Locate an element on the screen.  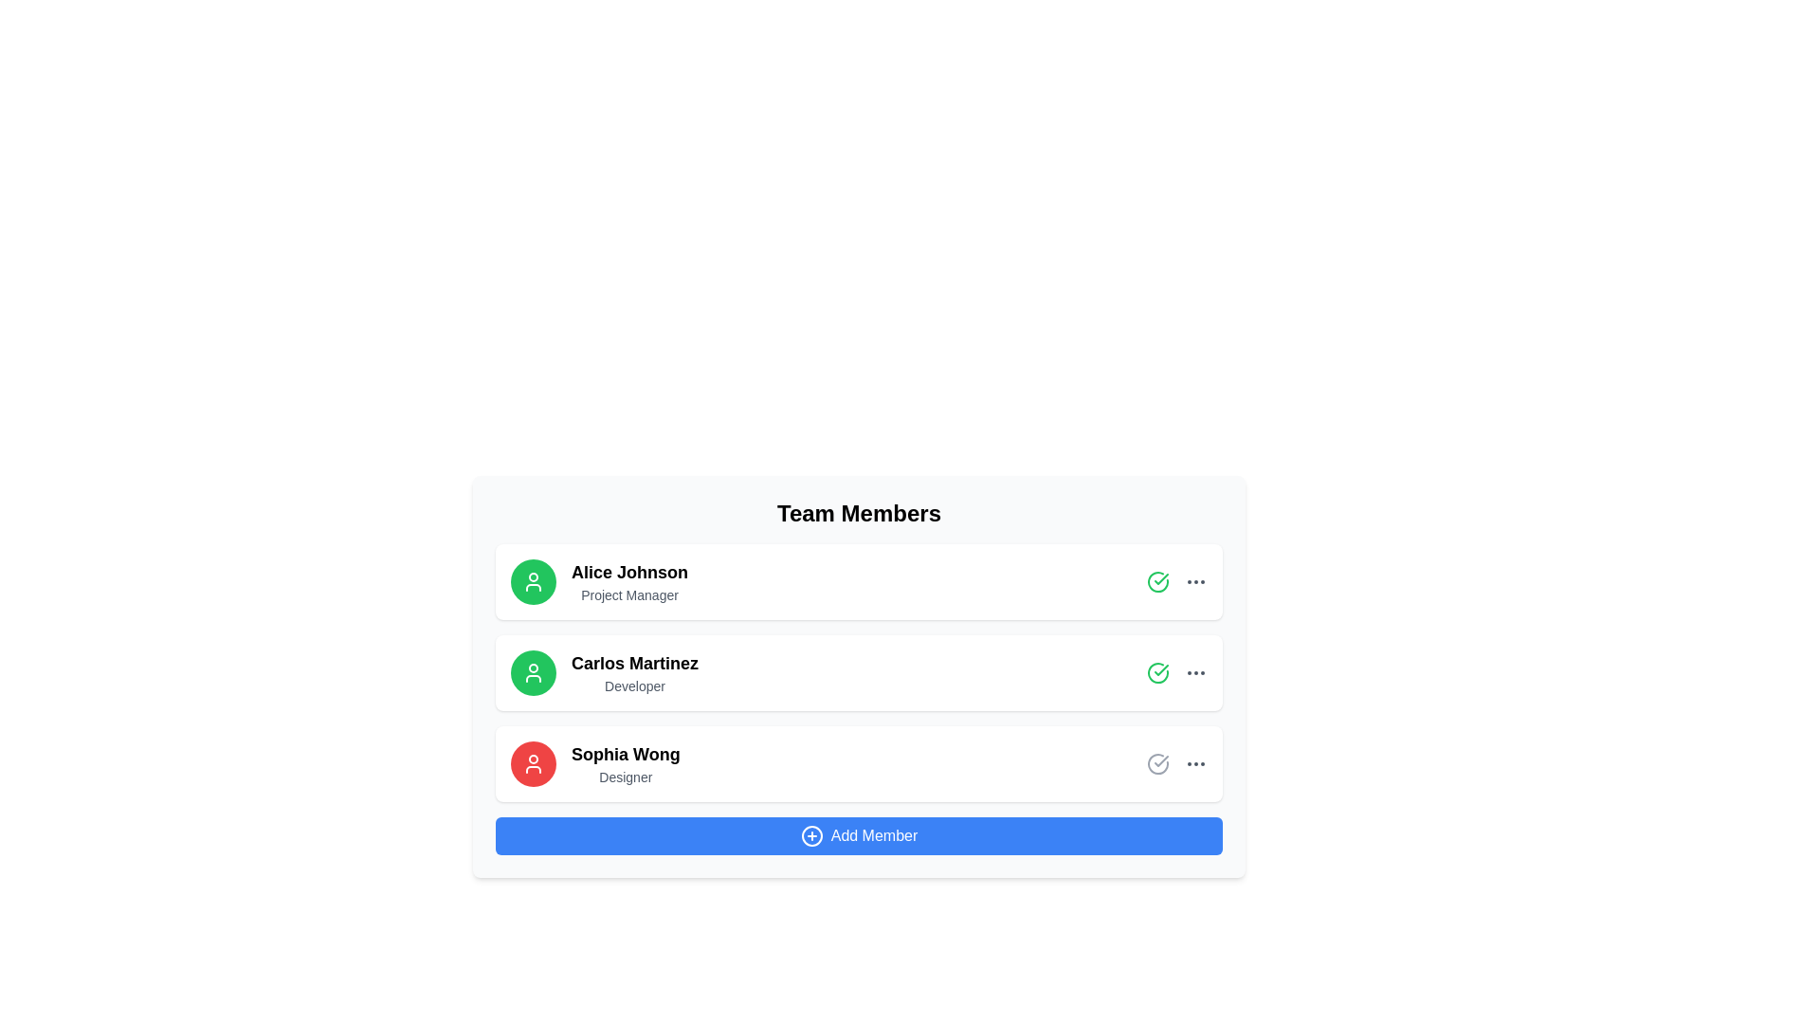
the text label indicating the role of the team member located under 'Sophia Wong' in the third entry of the team members list is located at coordinates (626, 777).